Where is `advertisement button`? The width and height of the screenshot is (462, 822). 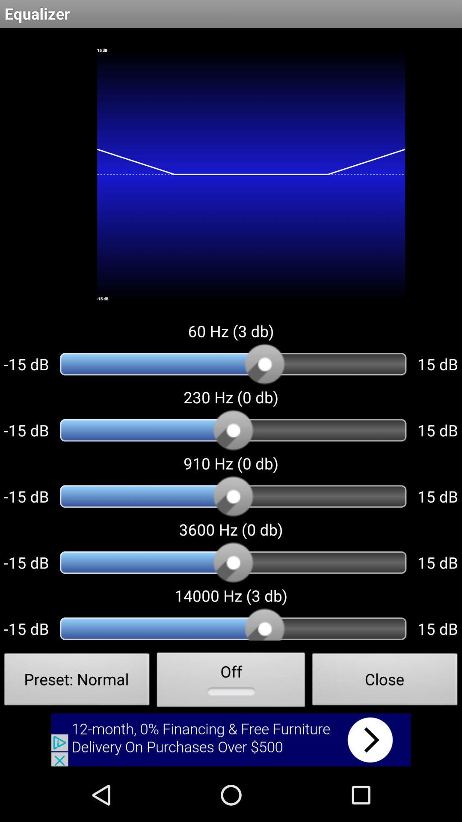 advertisement button is located at coordinates (231, 739).